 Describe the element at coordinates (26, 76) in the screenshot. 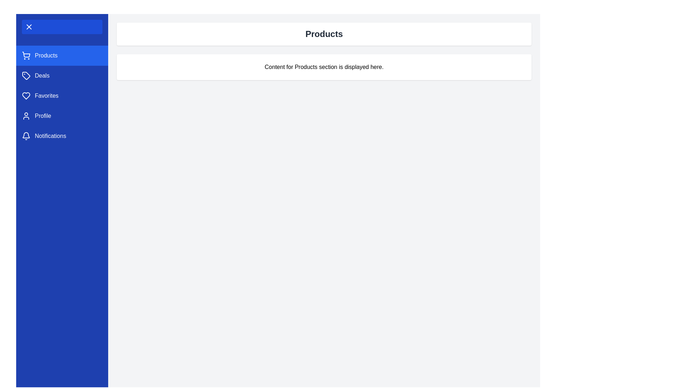

I see `the 'Deals' icon in the navigation bar` at that location.